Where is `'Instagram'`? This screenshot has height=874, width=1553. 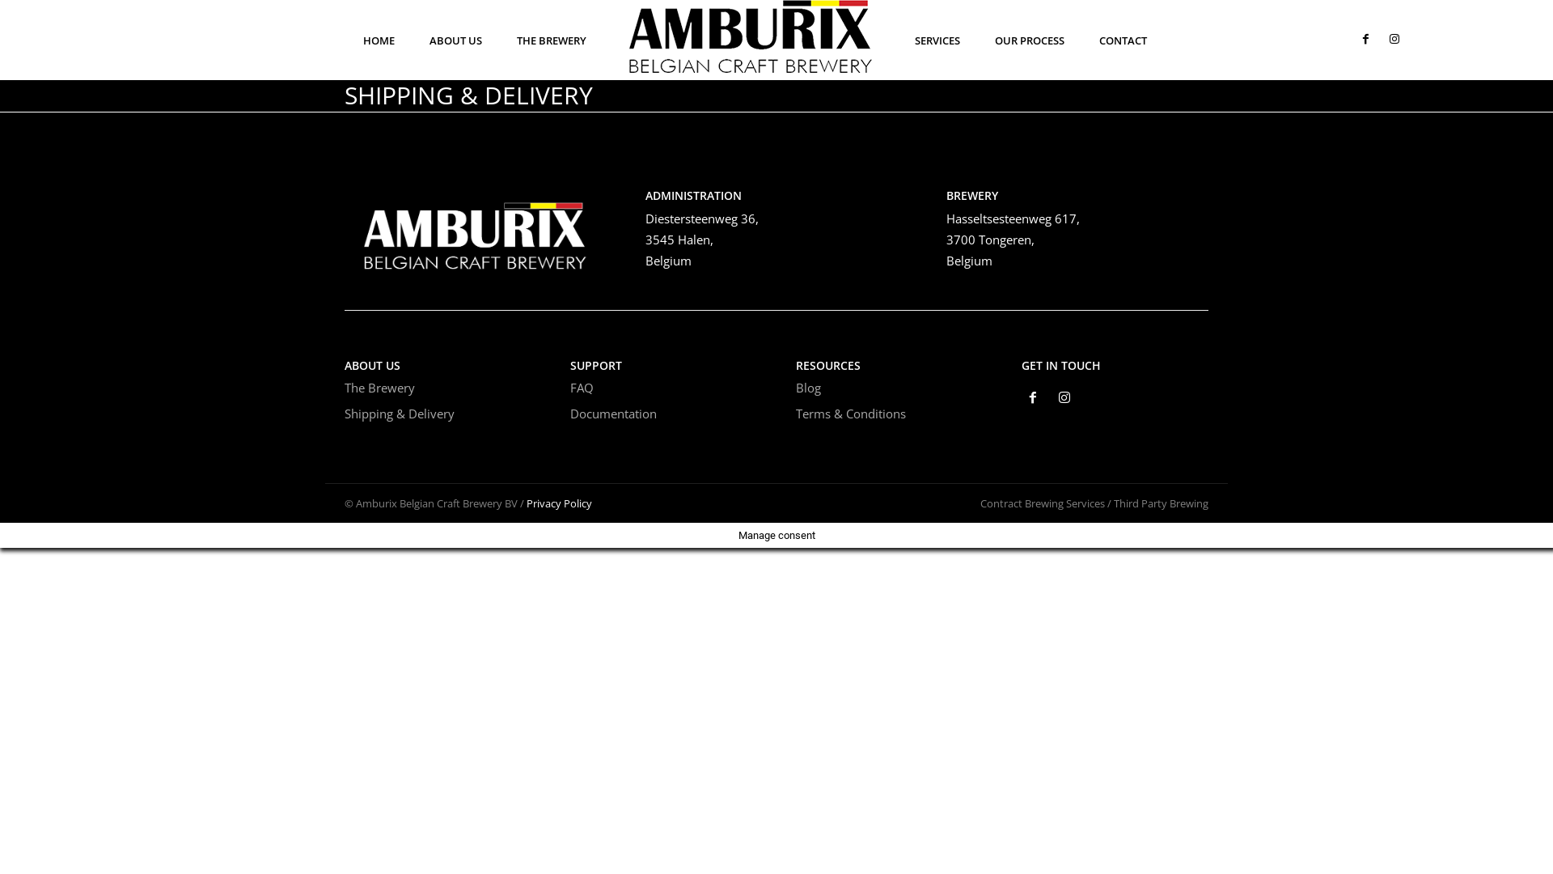
'Instagram' is located at coordinates (1064, 399).